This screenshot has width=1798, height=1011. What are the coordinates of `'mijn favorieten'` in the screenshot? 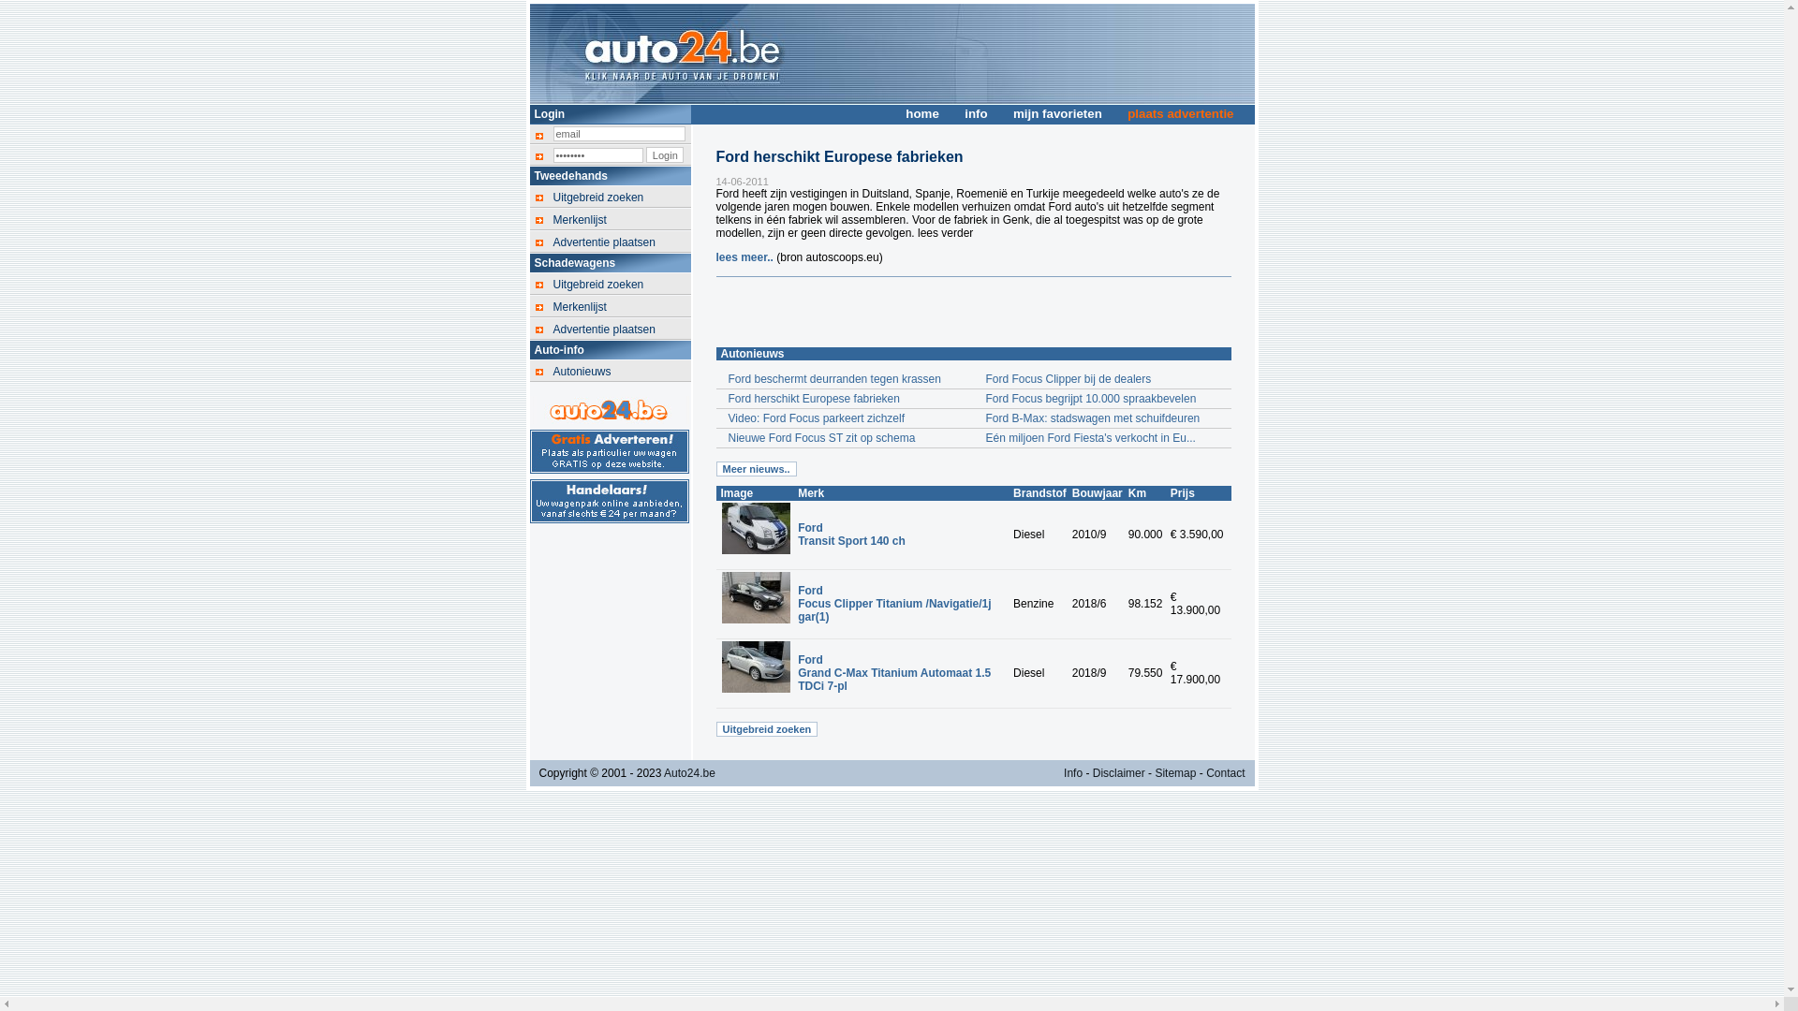 It's located at (1001, 113).